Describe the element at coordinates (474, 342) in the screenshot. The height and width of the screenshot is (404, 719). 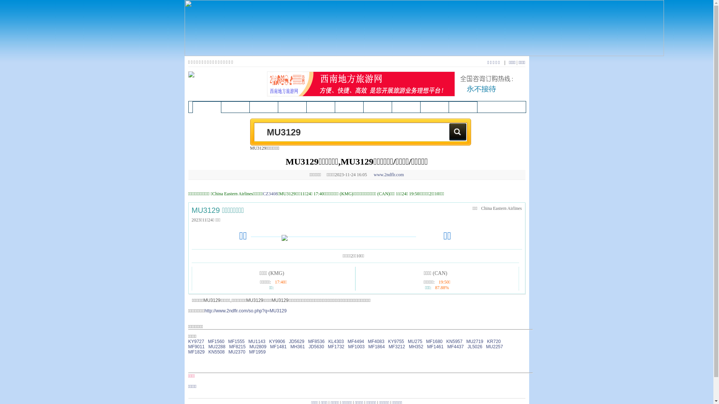
I see `'MU2719'` at that location.